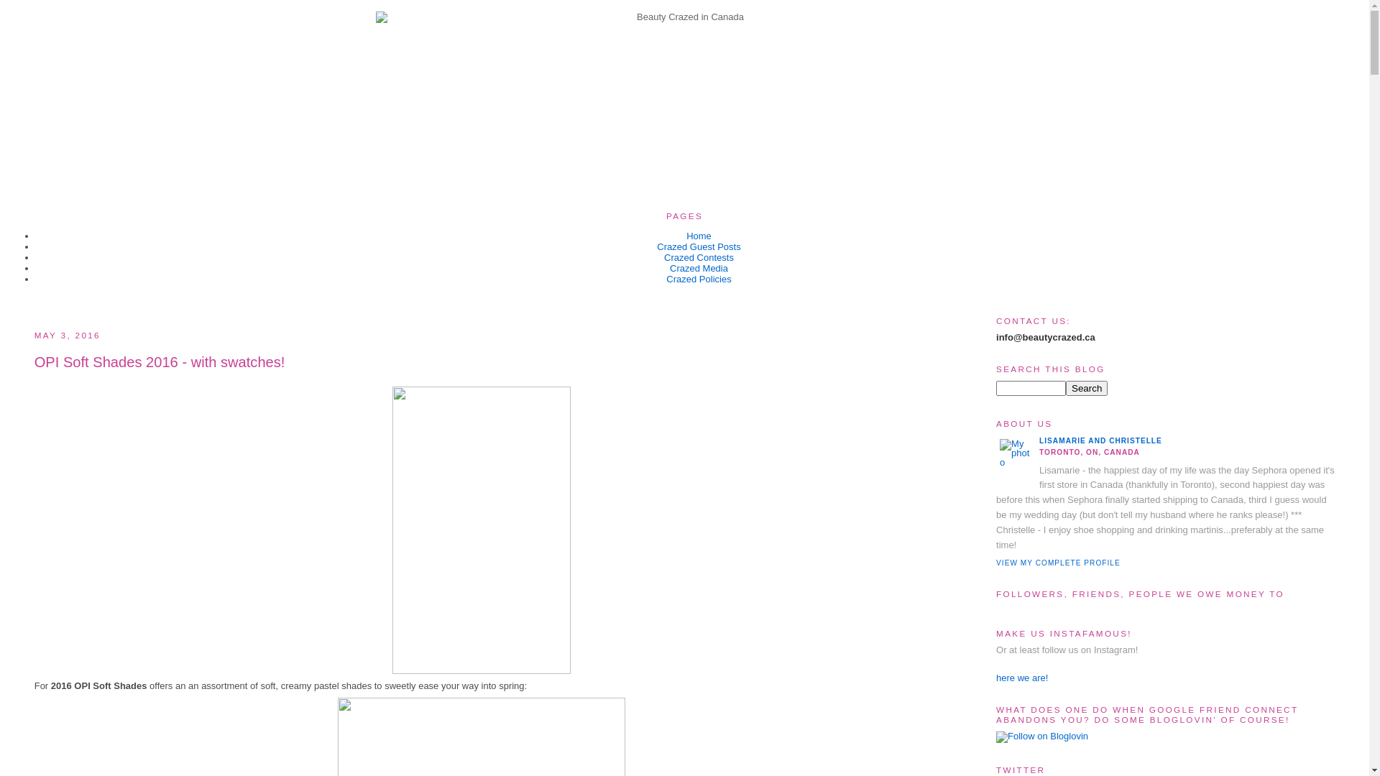  I want to click on 'LISAMARIE AND CHRISTELLE', so click(1039, 440).